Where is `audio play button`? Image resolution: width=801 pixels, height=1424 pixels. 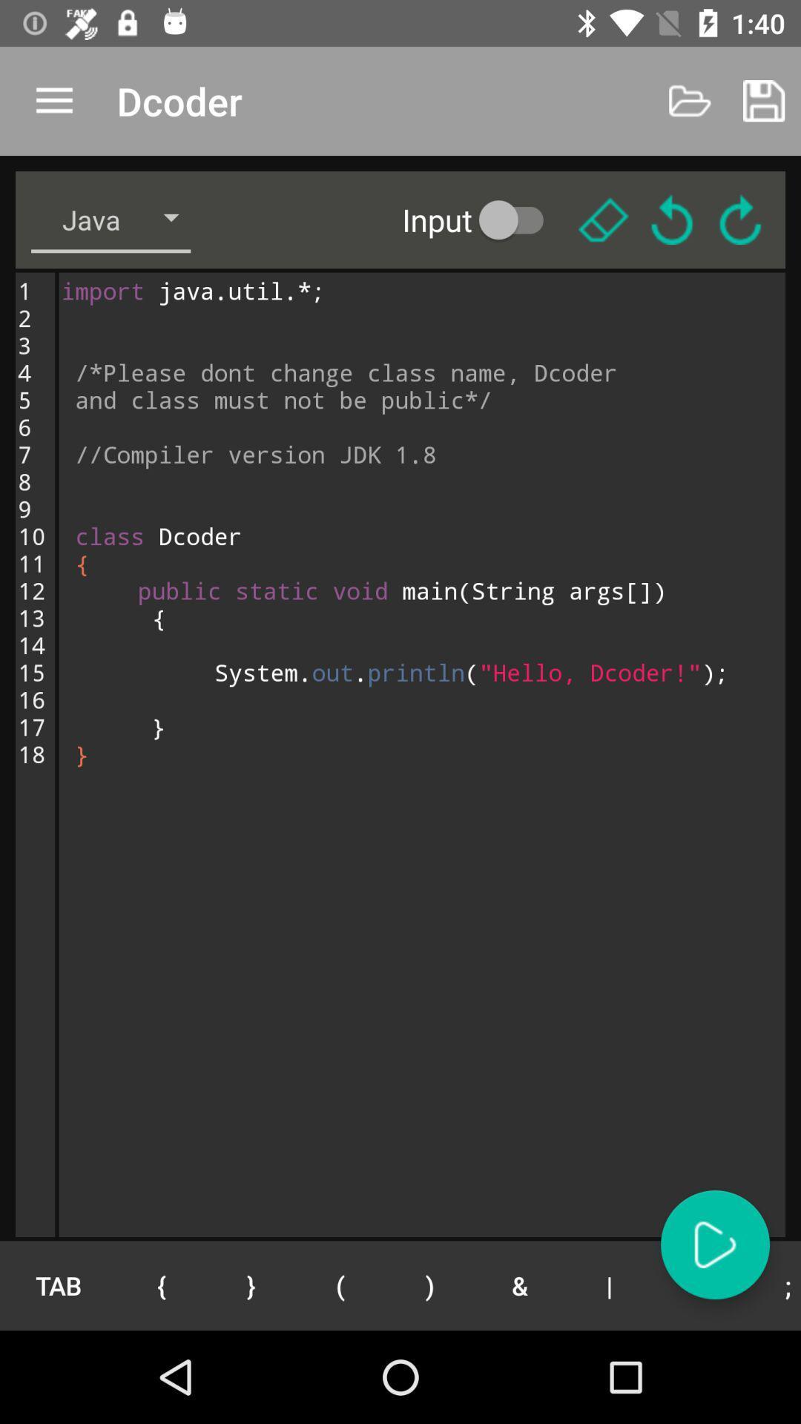
audio play button is located at coordinates (714, 1245).